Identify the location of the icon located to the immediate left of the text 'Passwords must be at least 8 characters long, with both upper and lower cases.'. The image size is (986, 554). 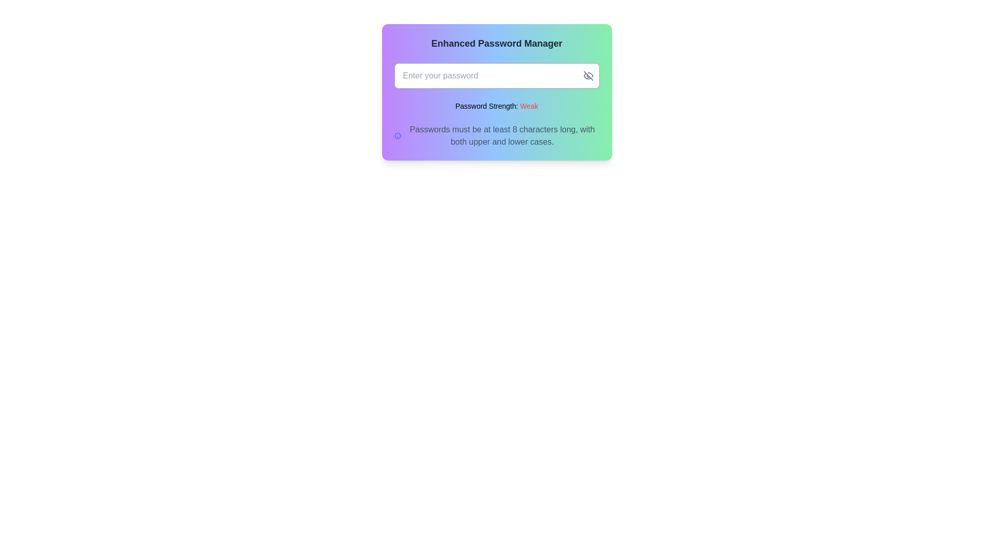
(397, 135).